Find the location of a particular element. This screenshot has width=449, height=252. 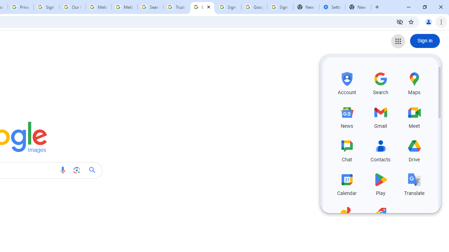

'Sign in - Google Accounts' is located at coordinates (228, 7).